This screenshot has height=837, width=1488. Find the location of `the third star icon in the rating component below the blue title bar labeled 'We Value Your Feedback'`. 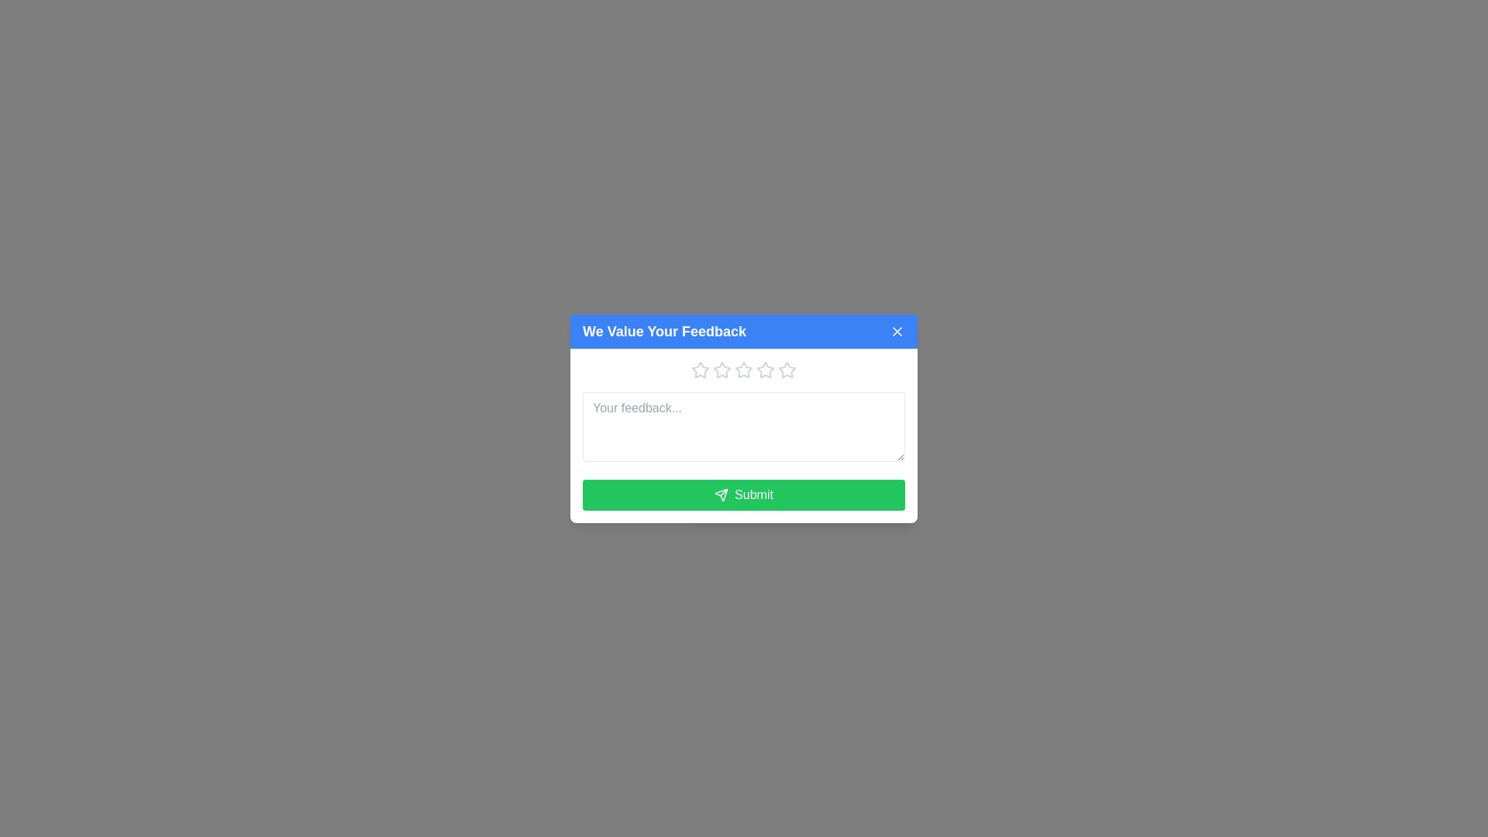

the third star icon in the rating component below the blue title bar labeled 'We Value Your Feedback' is located at coordinates (744, 370).